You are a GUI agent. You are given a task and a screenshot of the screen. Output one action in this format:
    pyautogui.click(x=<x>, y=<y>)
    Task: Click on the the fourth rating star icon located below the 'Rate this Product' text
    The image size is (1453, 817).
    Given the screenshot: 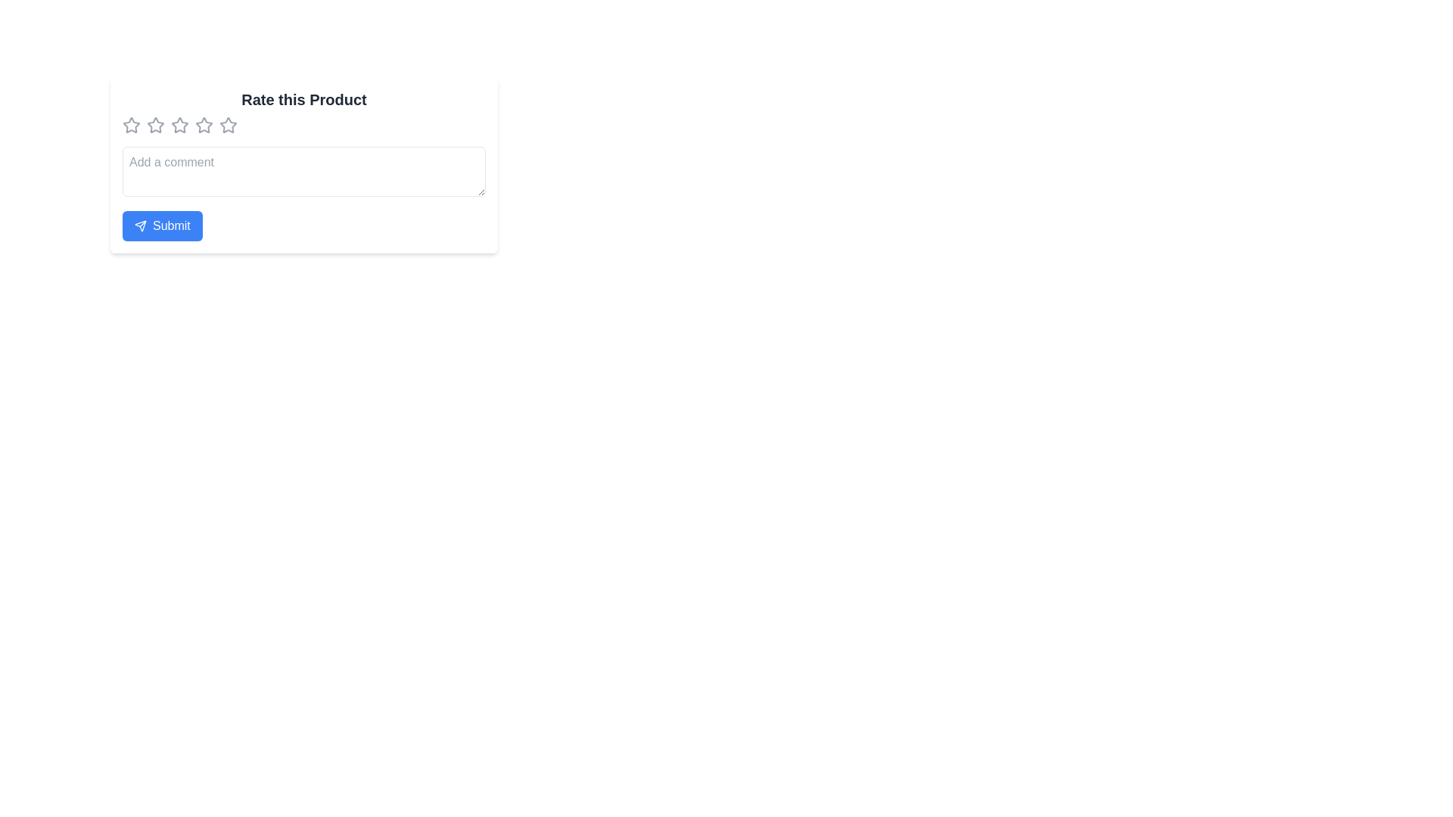 What is the action you would take?
    pyautogui.click(x=228, y=124)
    